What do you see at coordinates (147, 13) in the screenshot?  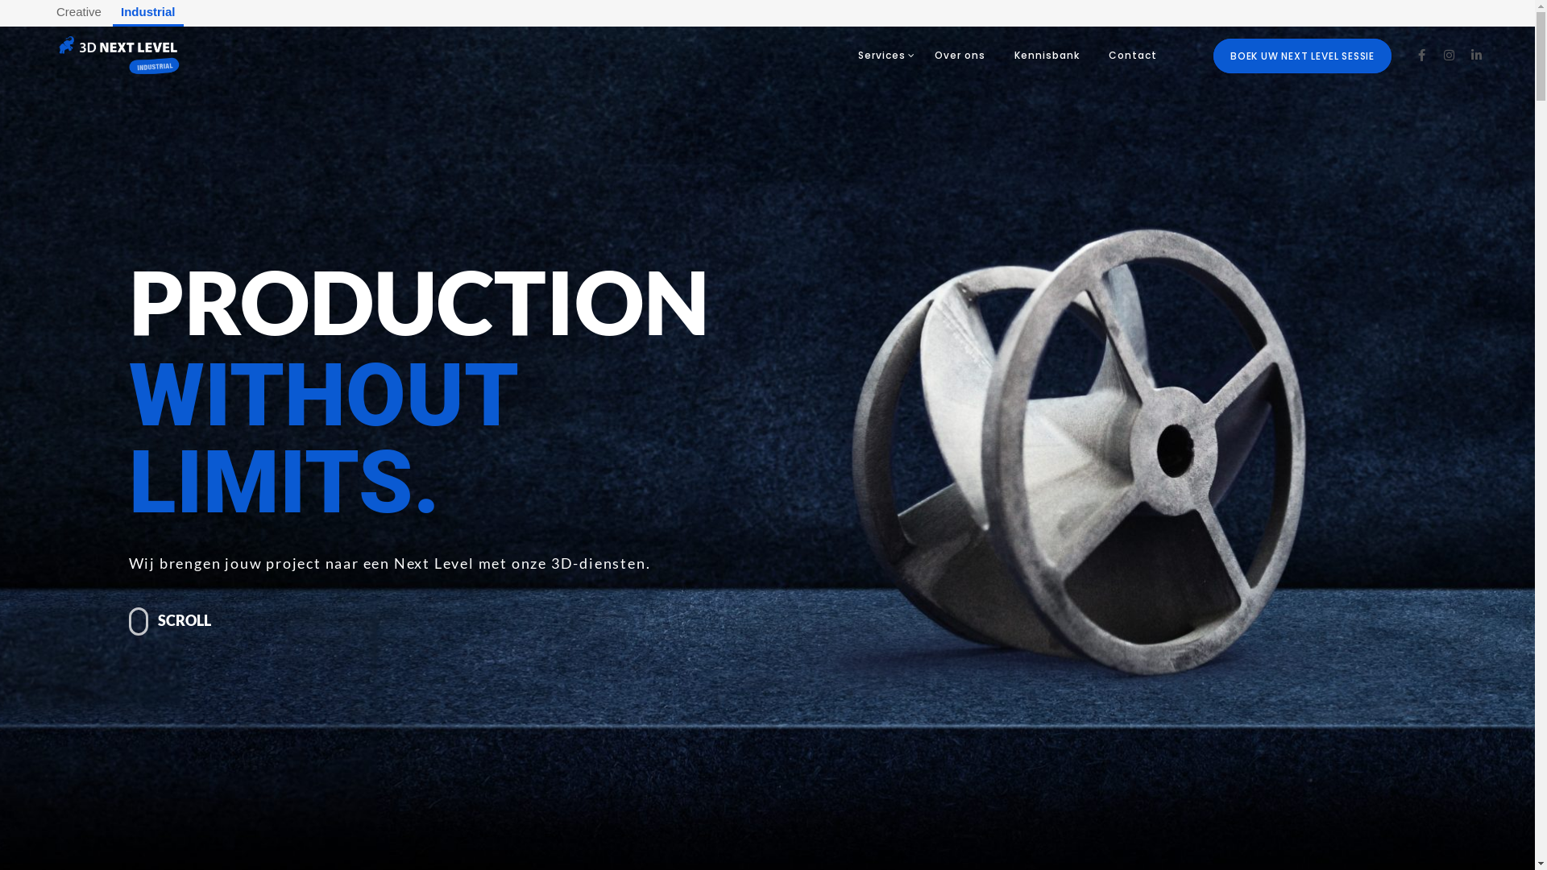 I see `'Industrial'` at bounding box center [147, 13].